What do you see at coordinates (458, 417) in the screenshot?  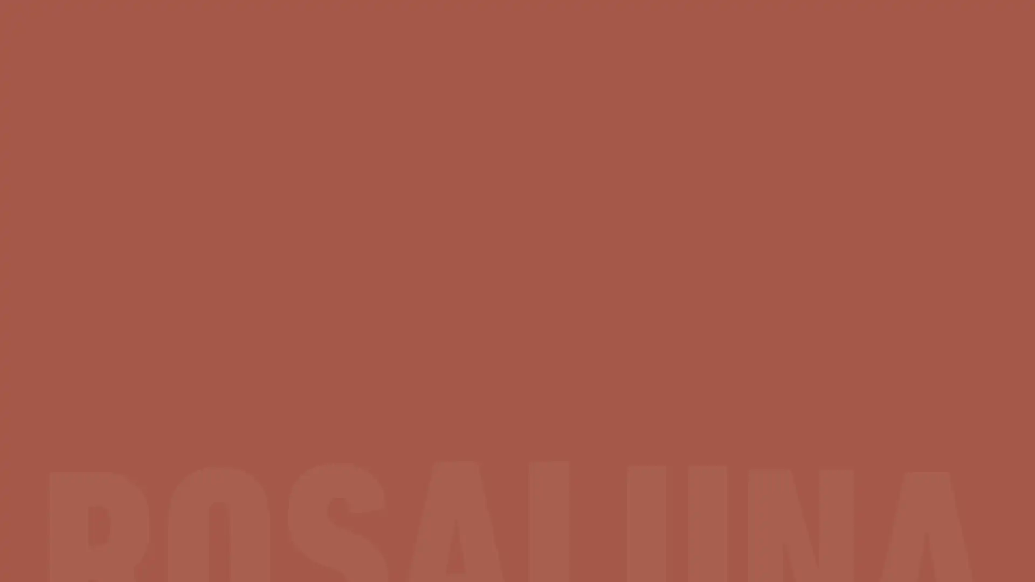 I see `Yes` at bounding box center [458, 417].